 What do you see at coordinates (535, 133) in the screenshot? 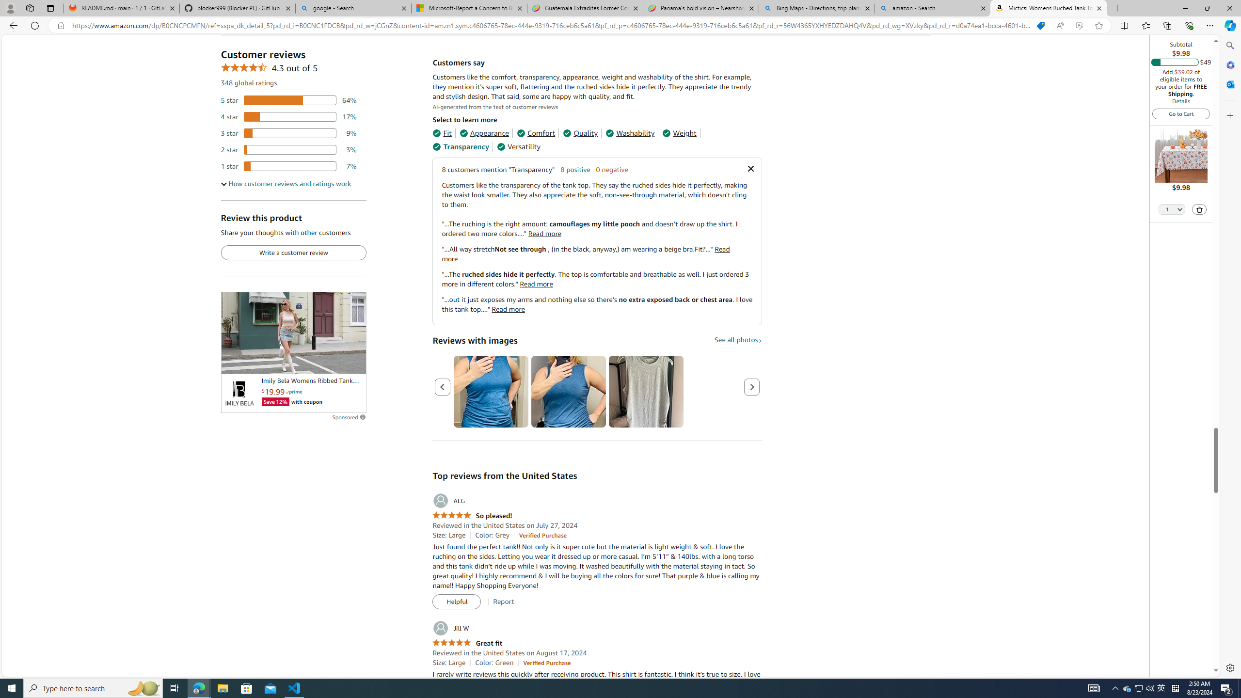
I see `'Comfort'` at bounding box center [535, 133].